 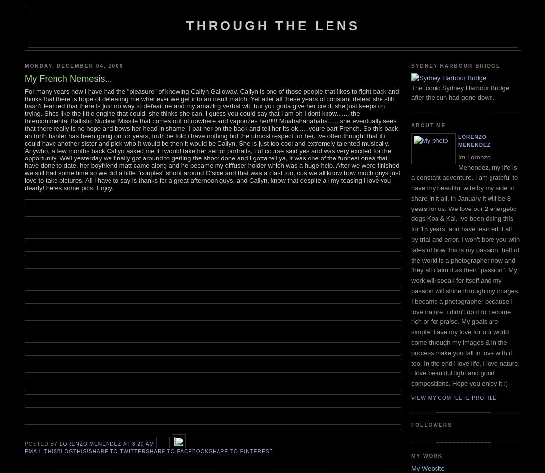 I want to click on 'at', so click(x=127, y=443).